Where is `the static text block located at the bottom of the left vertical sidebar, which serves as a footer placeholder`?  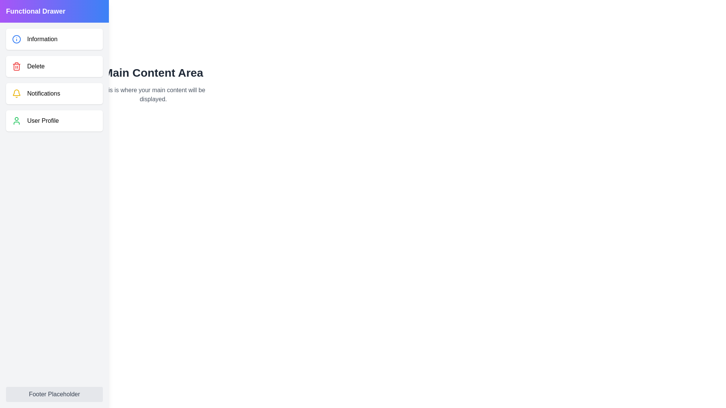 the static text block located at the bottom of the left vertical sidebar, which serves as a footer placeholder is located at coordinates (54, 394).